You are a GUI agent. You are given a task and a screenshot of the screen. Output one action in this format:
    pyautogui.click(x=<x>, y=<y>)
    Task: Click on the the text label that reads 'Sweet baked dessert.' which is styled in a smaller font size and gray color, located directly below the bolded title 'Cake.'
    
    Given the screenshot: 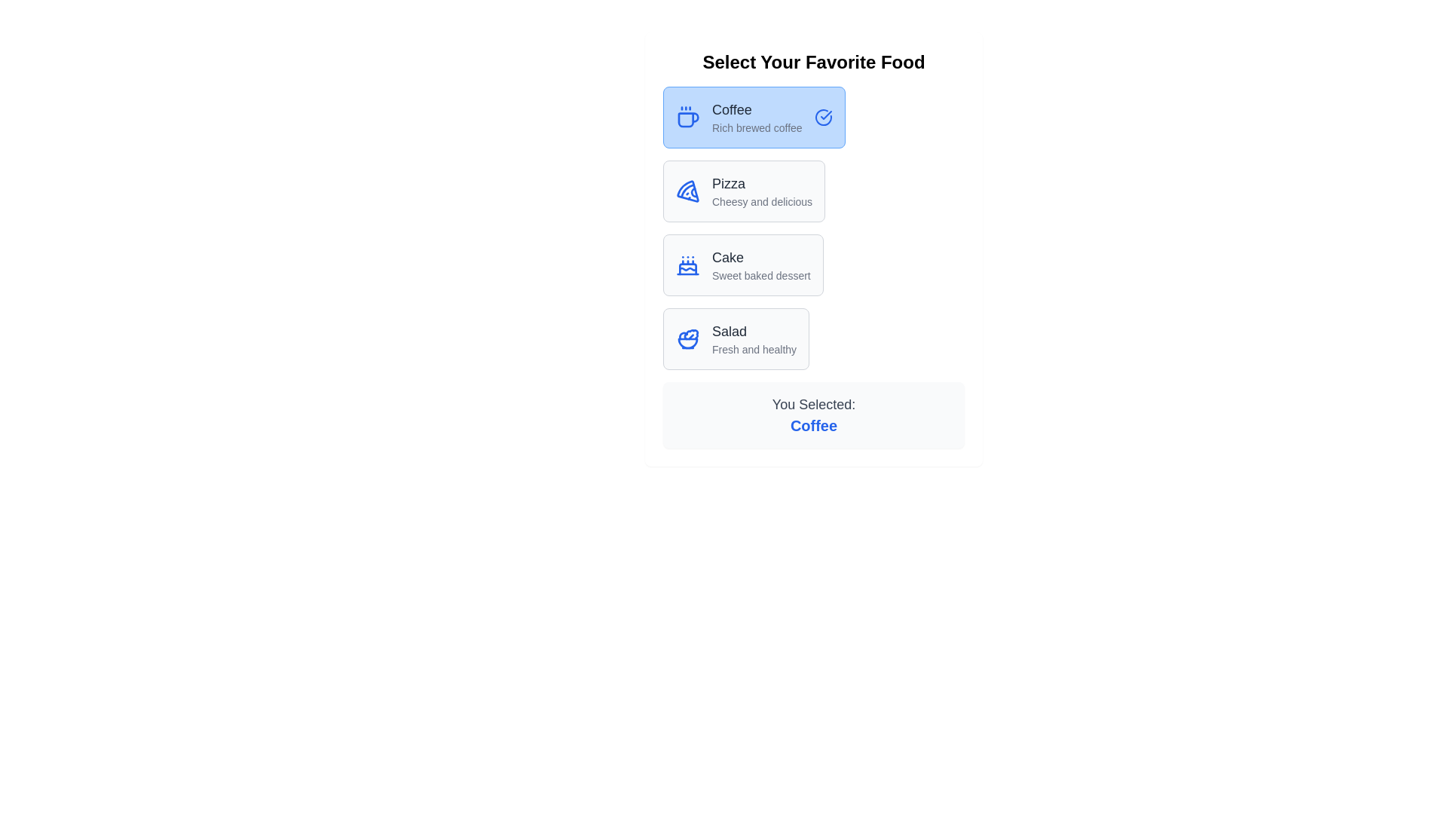 What is the action you would take?
    pyautogui.click(x=761, y=276)
    